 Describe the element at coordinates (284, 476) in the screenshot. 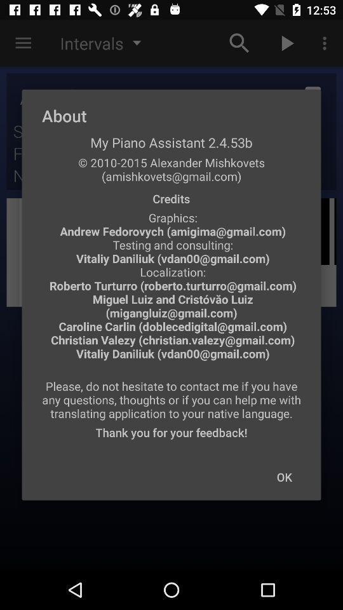

I see `the ok` at that location.